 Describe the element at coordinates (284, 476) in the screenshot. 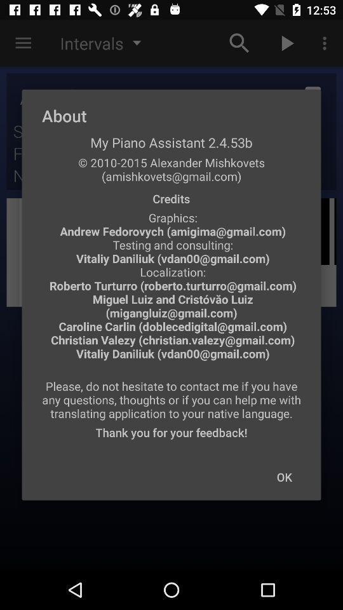

I see `the ok` at that location.